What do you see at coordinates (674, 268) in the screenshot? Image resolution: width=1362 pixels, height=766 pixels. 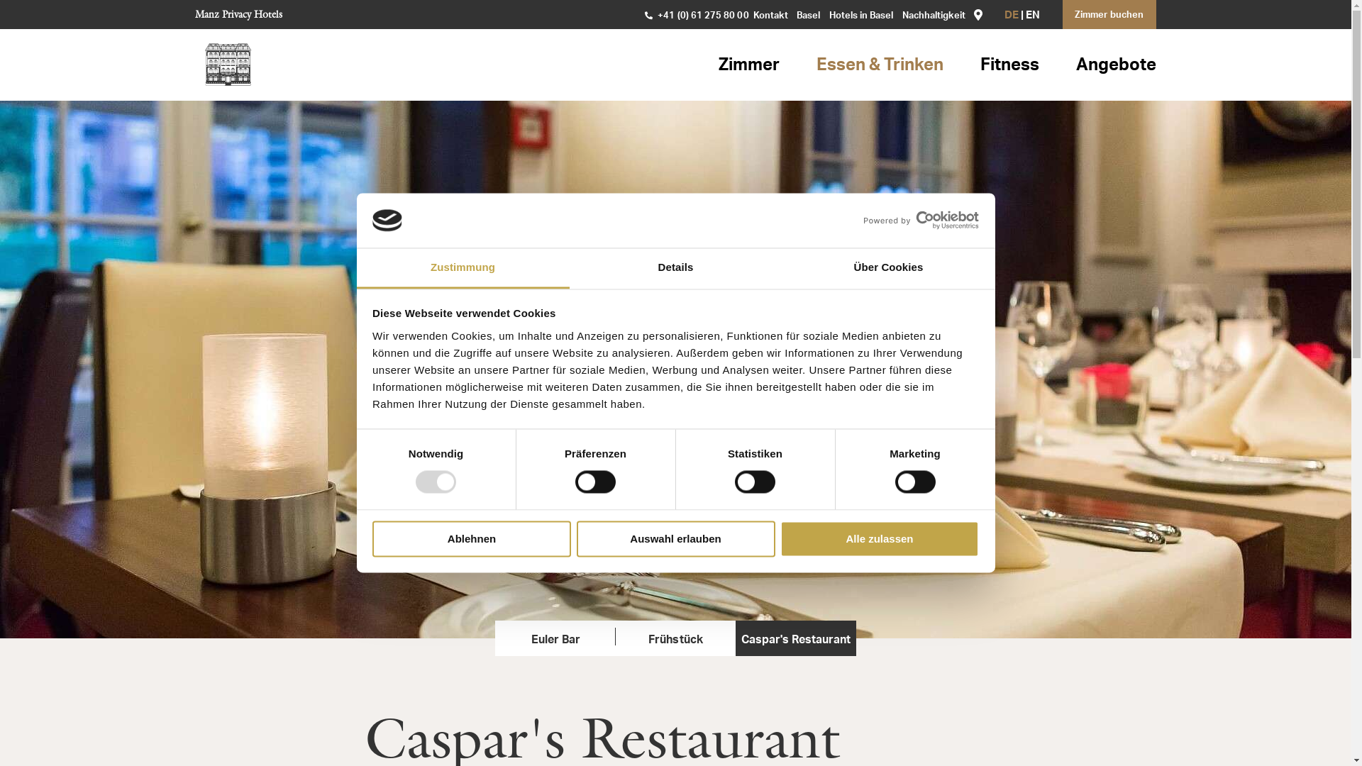 I see `'Details'` at bounding box center [674, 268].